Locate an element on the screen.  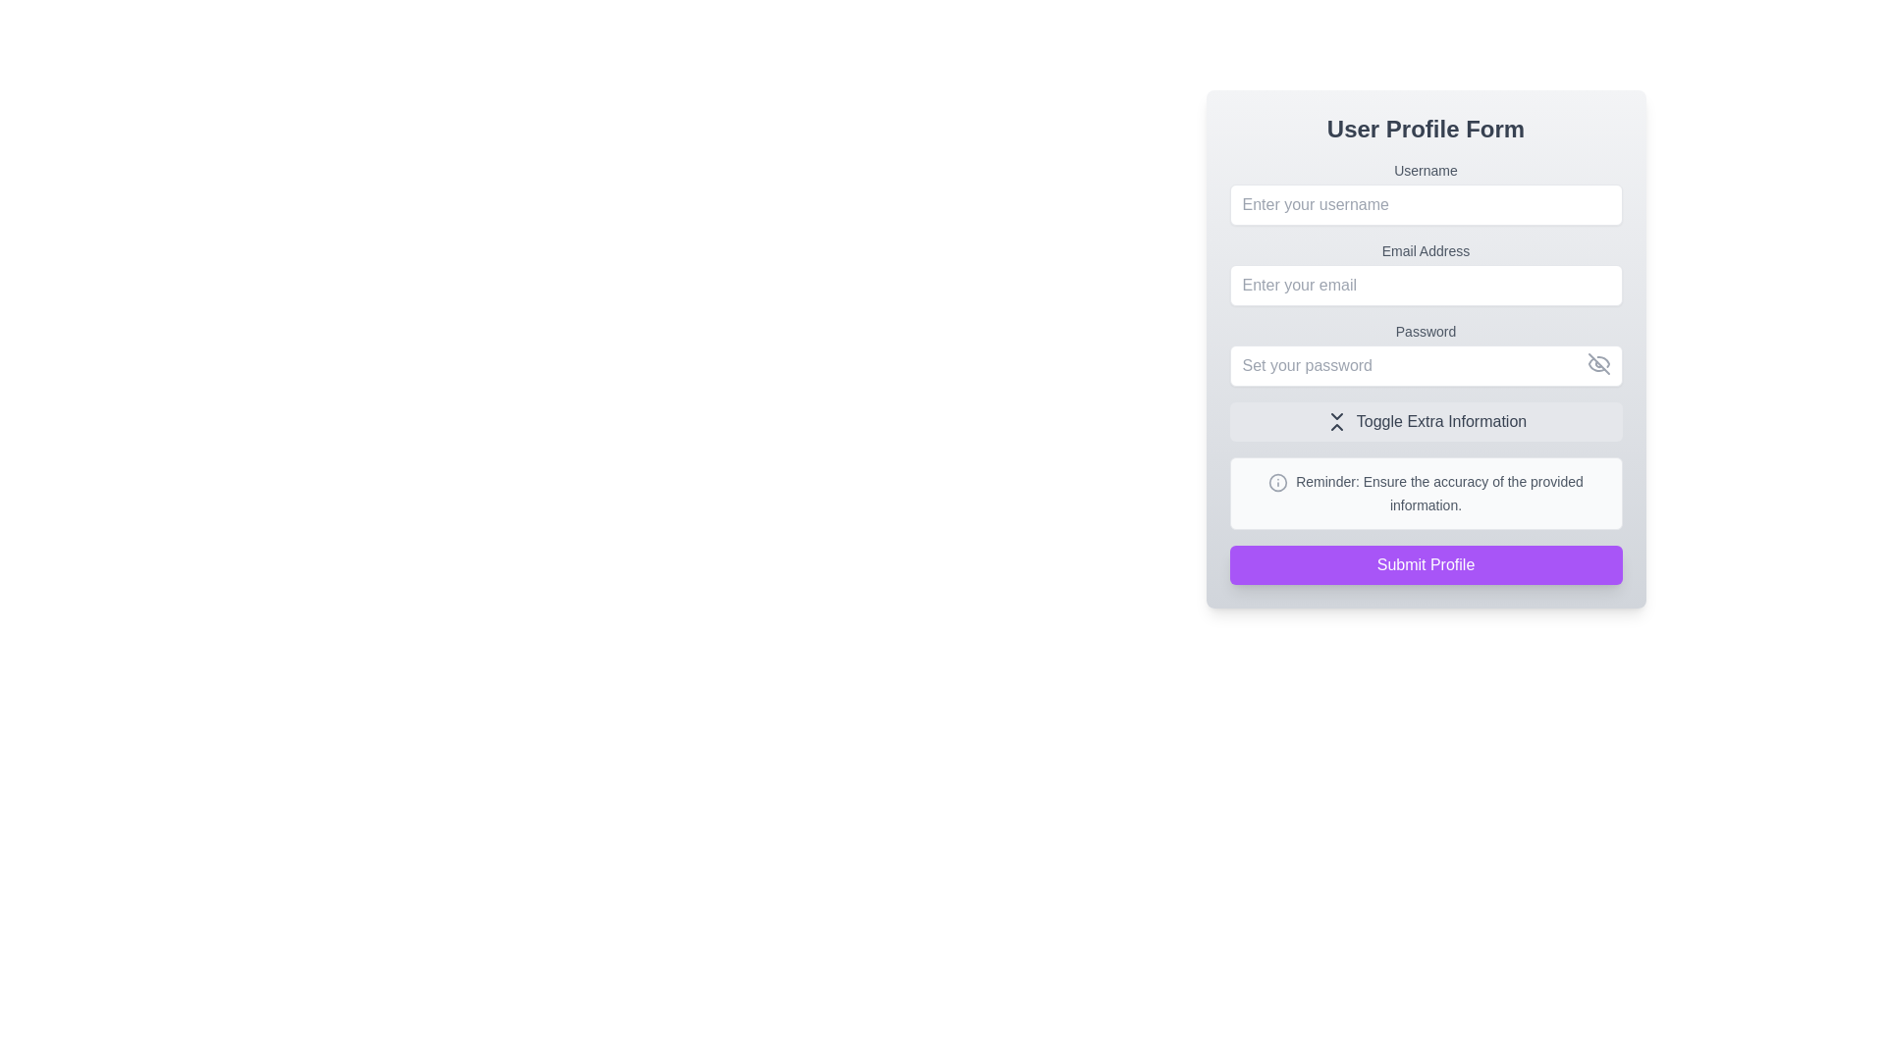
the password label that provides context for the password input field in the profile form is located at coordinates (1426, 331).